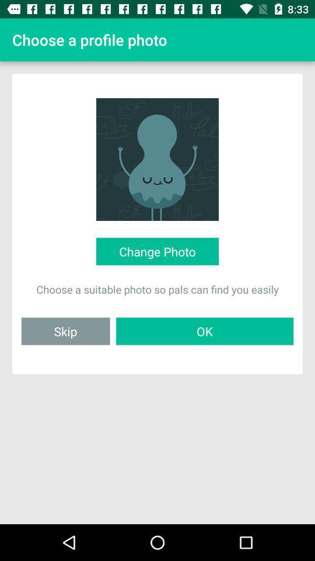  Describe the element at coordinates (204, 331) in the screenshot. I see `the ok icon` at that location.